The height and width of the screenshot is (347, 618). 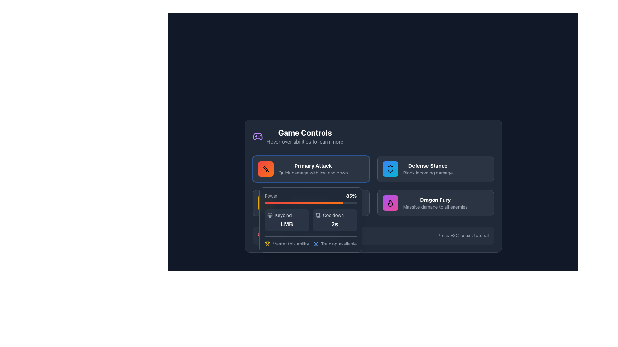 What do you see at coordinates (313, 172) in the screenshot?
I see `the static text reading 'Quick damage with low cooldown,' which is located directly below the 'Primary Attack' heading in the 'Primary Attack' section of the 'Game Controls' interface` at bounding box center [313, 172].